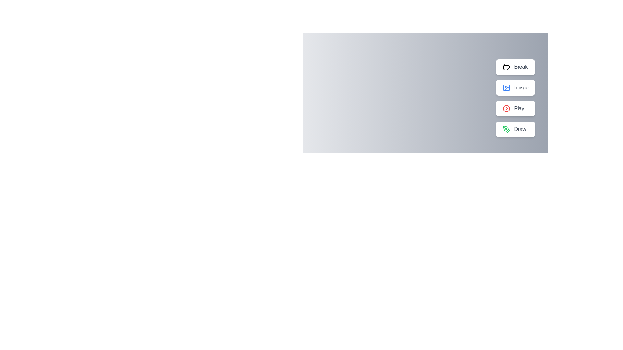  I want to click on the action button labeled Play to observe hover effects, so click(515, 108).